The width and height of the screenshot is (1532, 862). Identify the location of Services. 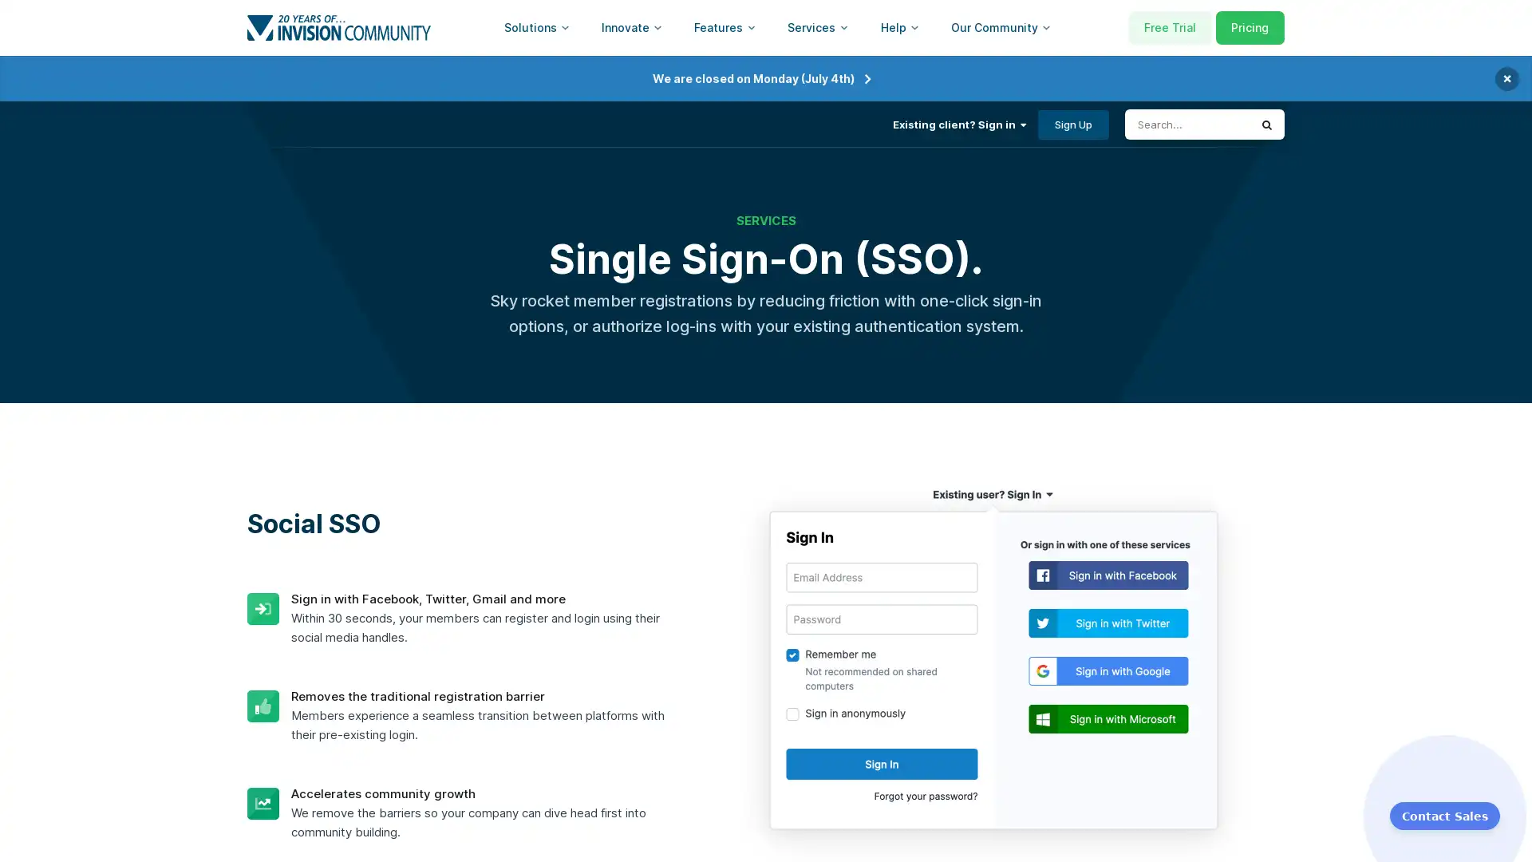
(818, 27).